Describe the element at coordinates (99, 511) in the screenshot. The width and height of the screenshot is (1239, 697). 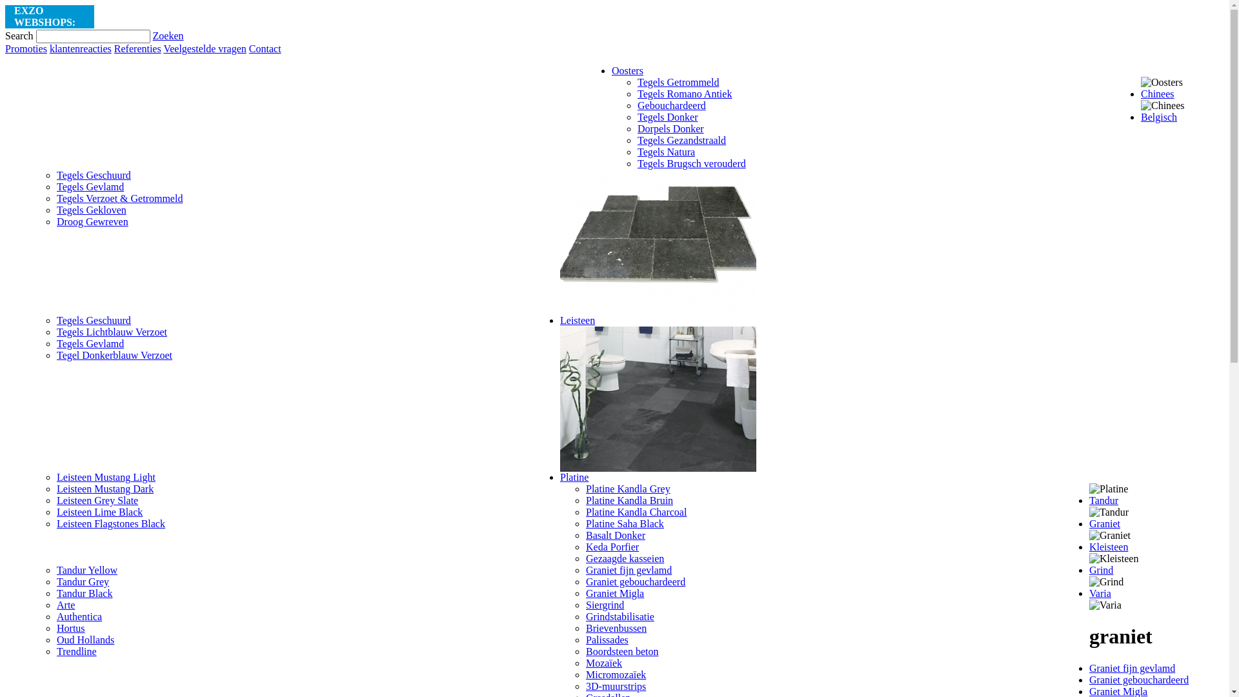
I see `'Leisteen Lime Black'` at that location.